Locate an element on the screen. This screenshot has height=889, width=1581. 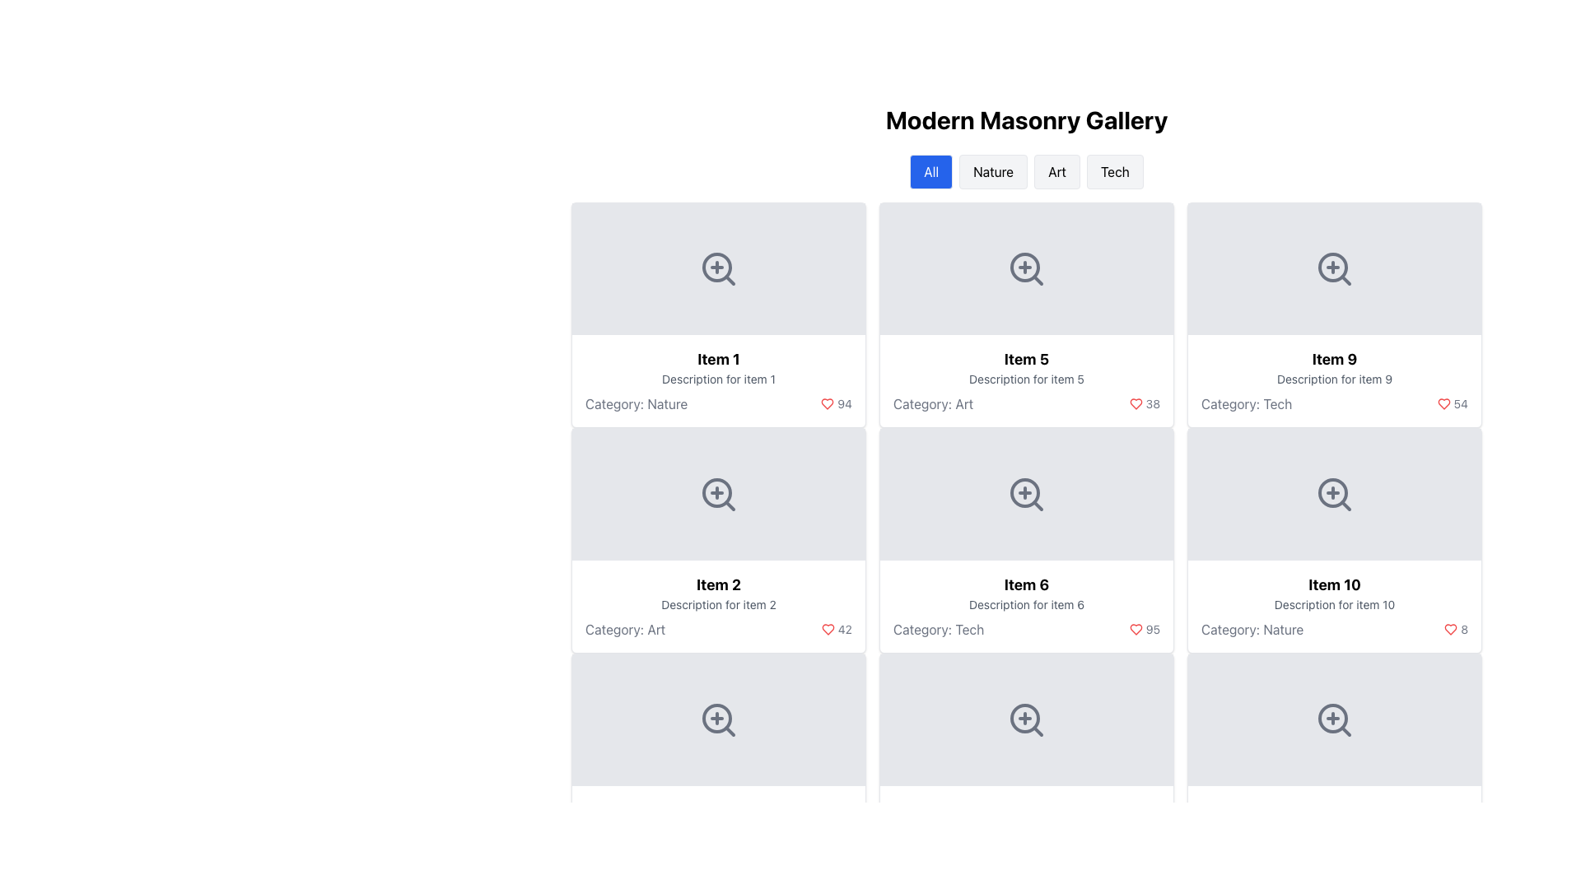
the text label displaying 'Category: Nature' located below the description of 'Item 10' in the grid layout is located at coordinates (1252, 629).